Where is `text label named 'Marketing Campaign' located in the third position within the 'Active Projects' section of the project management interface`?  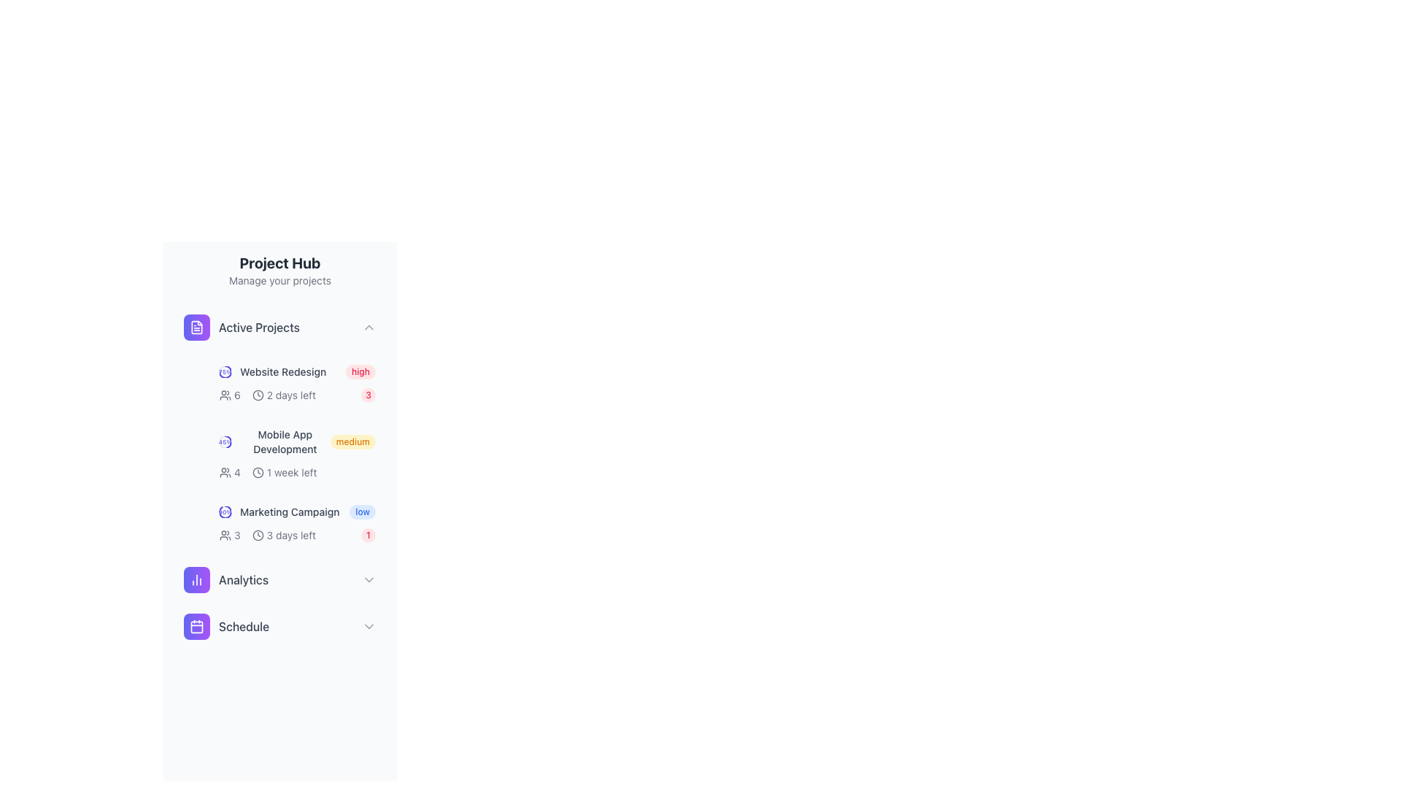 text label named 'Marketing Campaign' located in the third position within the 'Active Projects' section of the project management interface is located at coordinates (290, 511).